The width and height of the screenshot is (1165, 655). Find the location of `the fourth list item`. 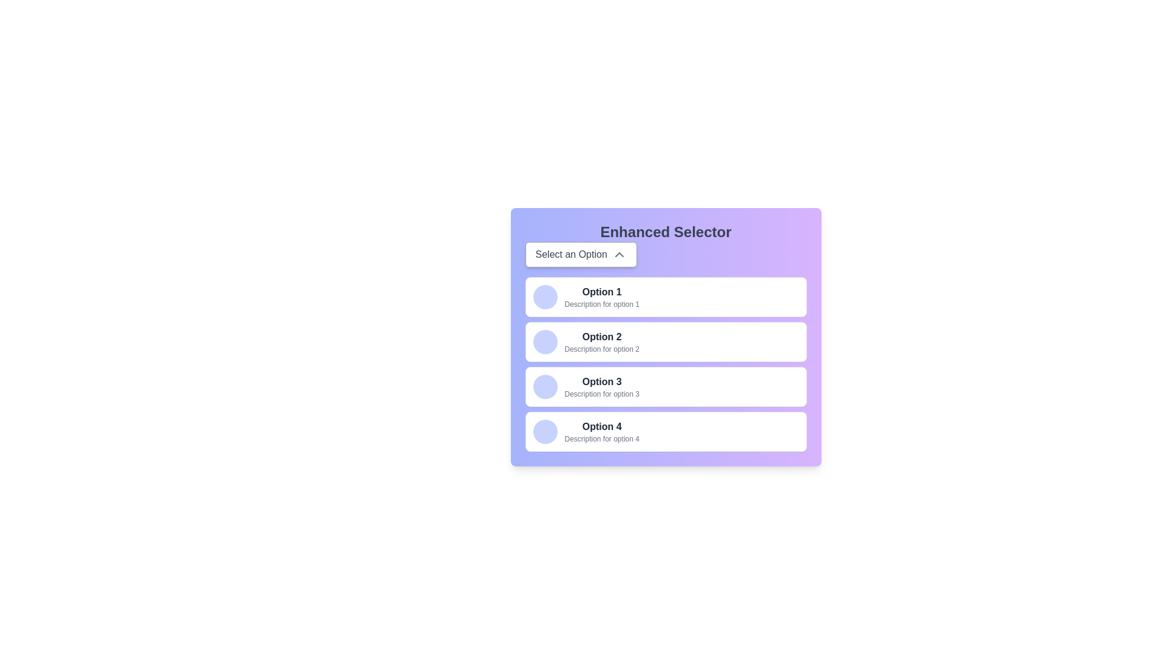

the fourth list item is located at coordinates (602, 431).